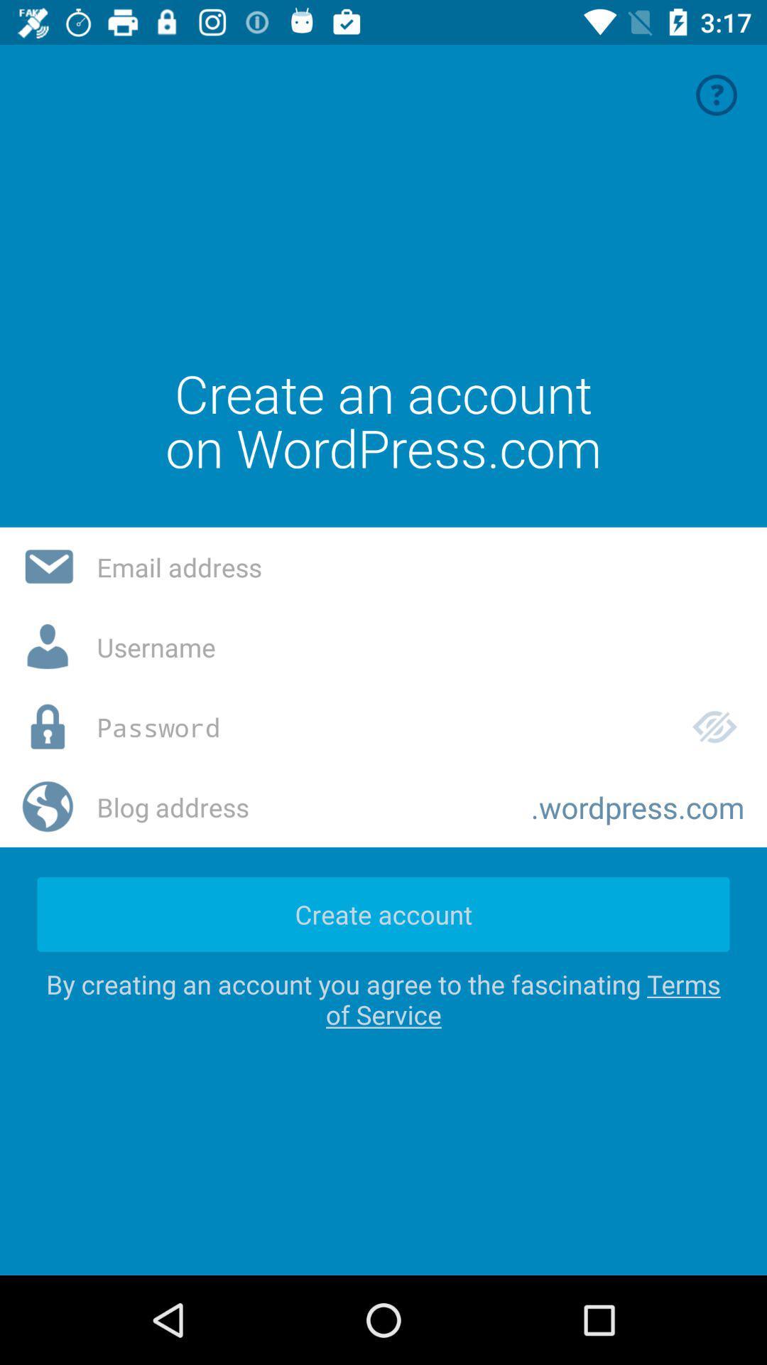  I want to click on by creating an item, so click(383, 998).